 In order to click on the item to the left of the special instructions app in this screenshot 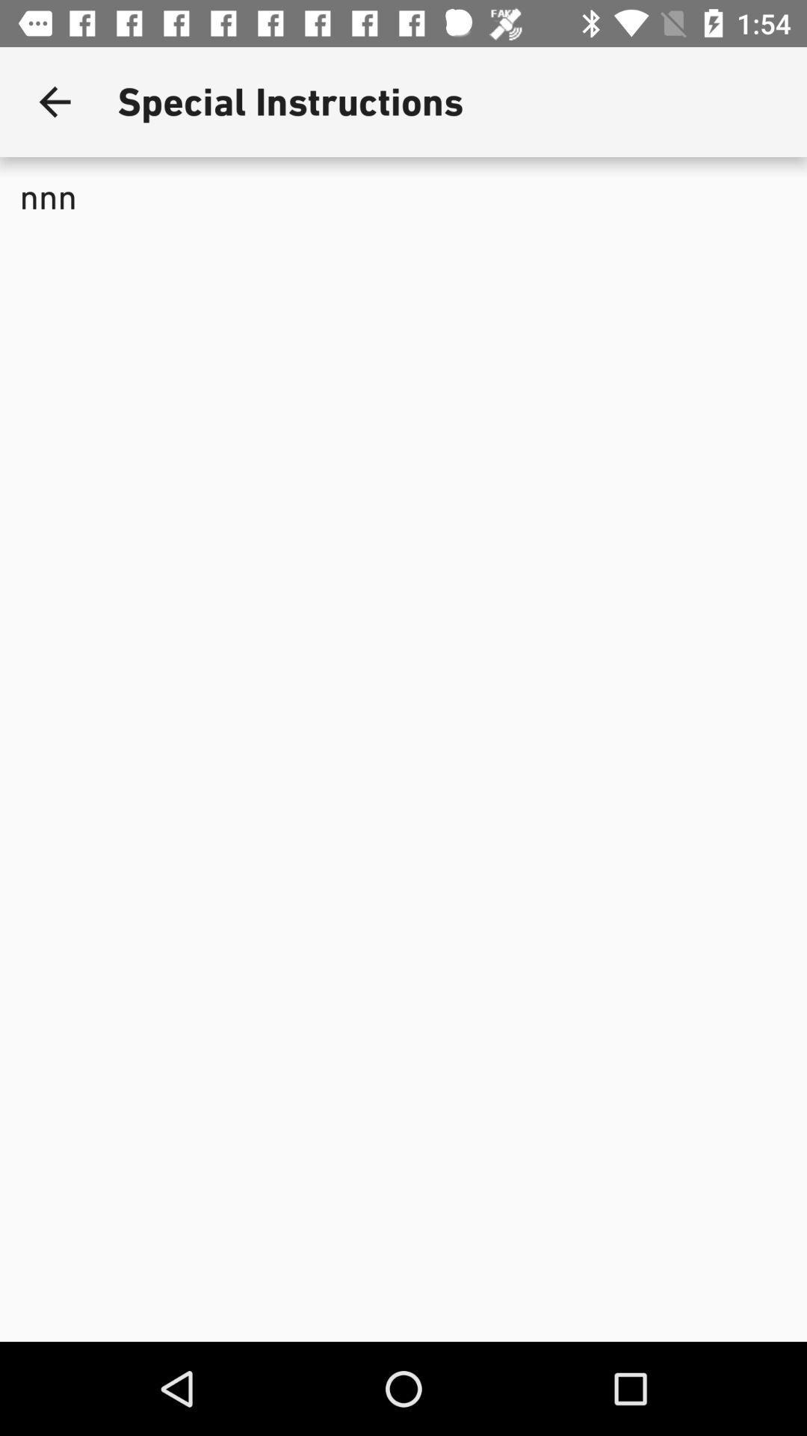, I will do `click(54, 101)`.